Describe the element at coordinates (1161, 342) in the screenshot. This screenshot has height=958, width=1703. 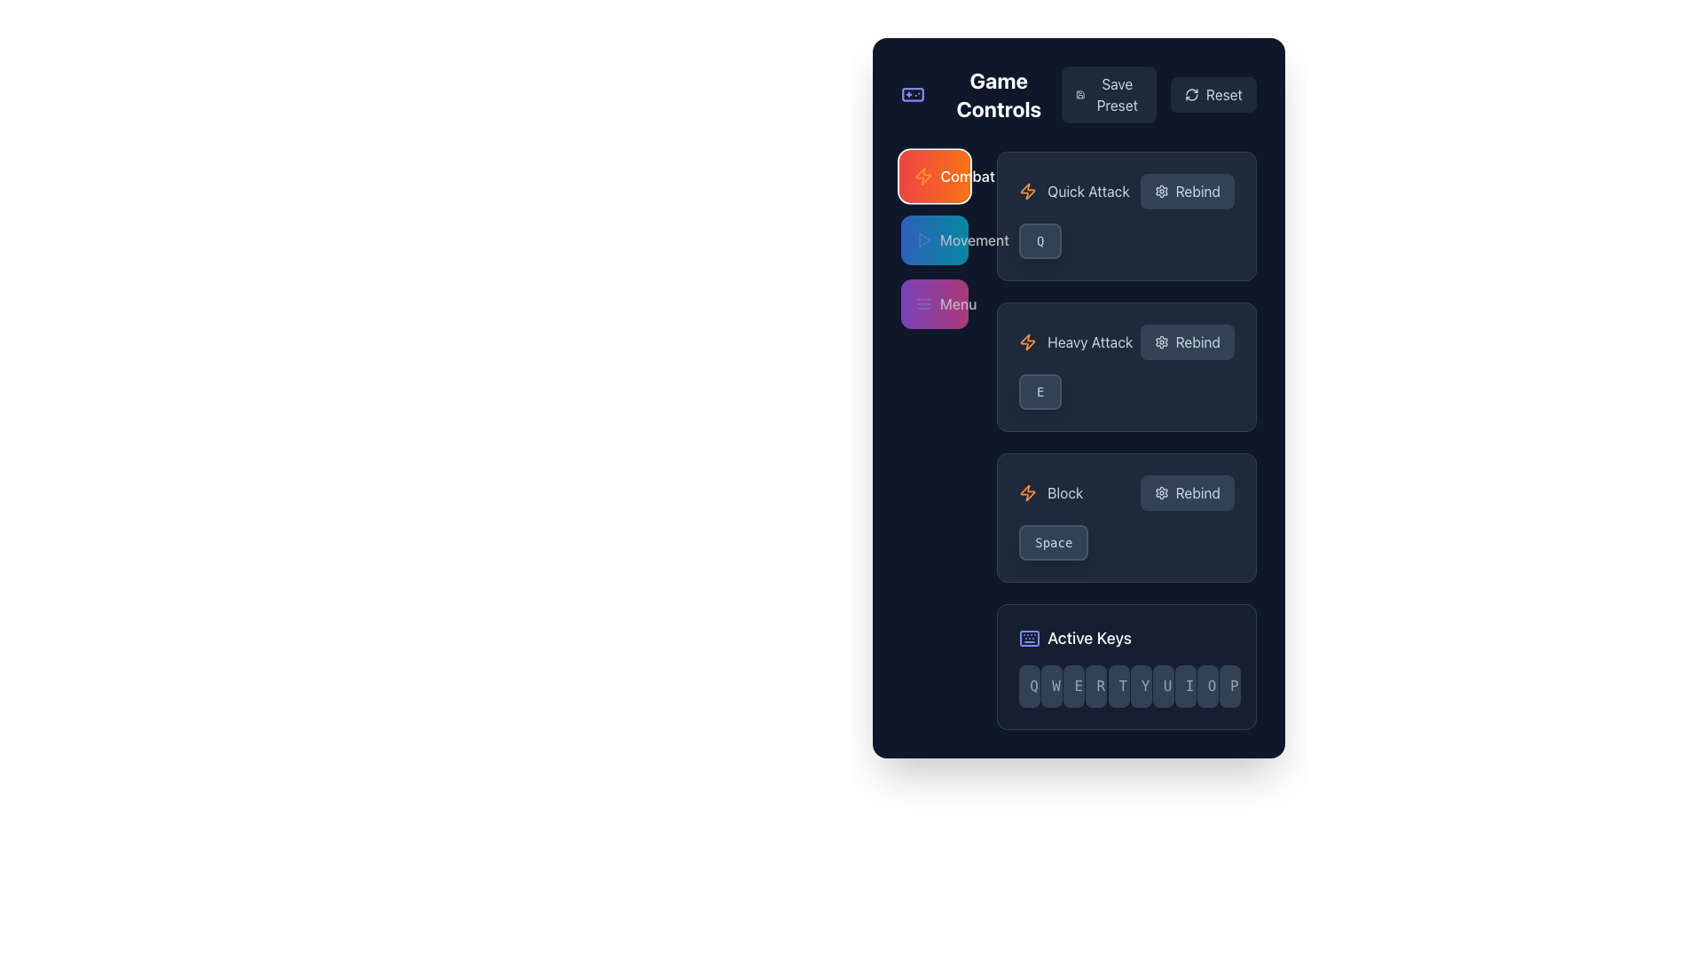
I see `the icon located on the right end of the 'Rebind' button in the second row of the Game Controls panel` at that location.